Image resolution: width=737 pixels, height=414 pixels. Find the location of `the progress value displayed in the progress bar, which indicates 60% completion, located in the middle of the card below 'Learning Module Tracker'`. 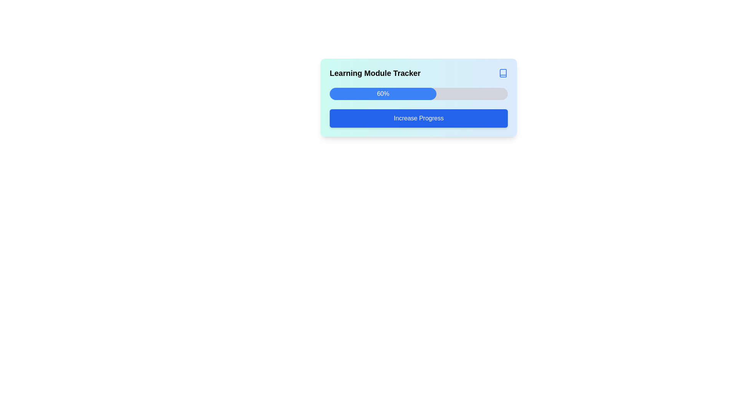

the progress value displayed in the progress bar, which indicates 60% completion, located in the middle of the card below 'Learning Module Tracker' is located at coordinates (418, 97).